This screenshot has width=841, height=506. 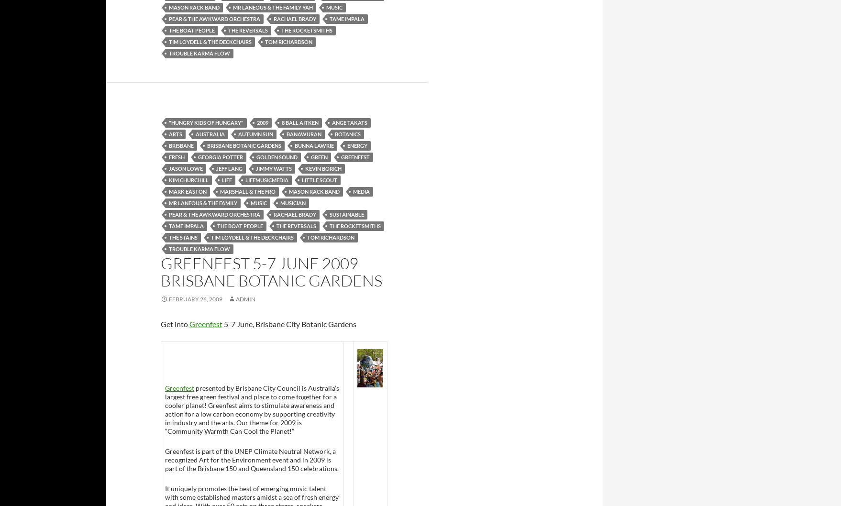 I want to click on 'life', so click(x=226, y=179).